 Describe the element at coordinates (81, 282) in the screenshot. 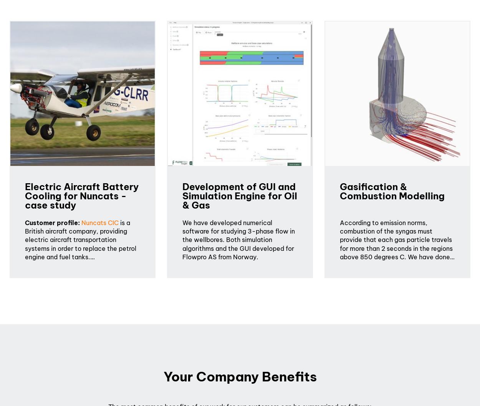

I see `'The electric aircrafts designed and built by Nuncats are based on batteries, supported by solar charging stations on the ground.'` at that location.